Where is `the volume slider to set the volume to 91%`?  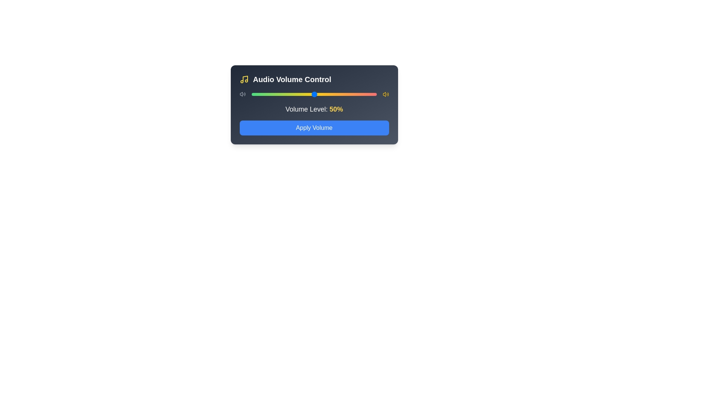
the volume slider to set the volume to 91% is located at coordinates (365, 94).